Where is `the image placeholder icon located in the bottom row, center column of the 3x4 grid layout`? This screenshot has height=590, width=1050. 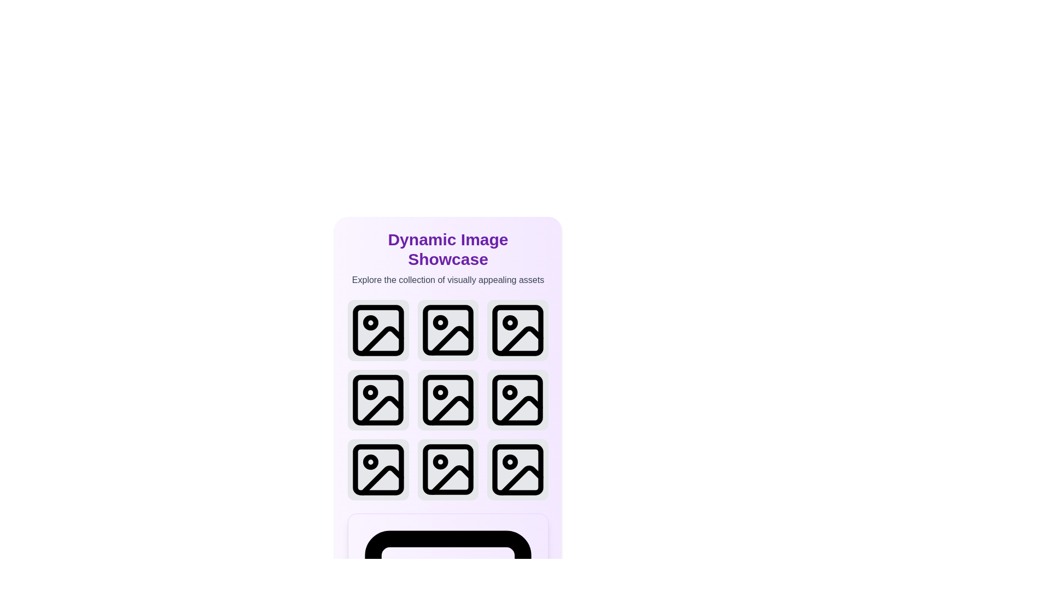
the image placeholder icon located in the bottom row, center column of the 3x4 grid layout is located at coordinates (448, 469).